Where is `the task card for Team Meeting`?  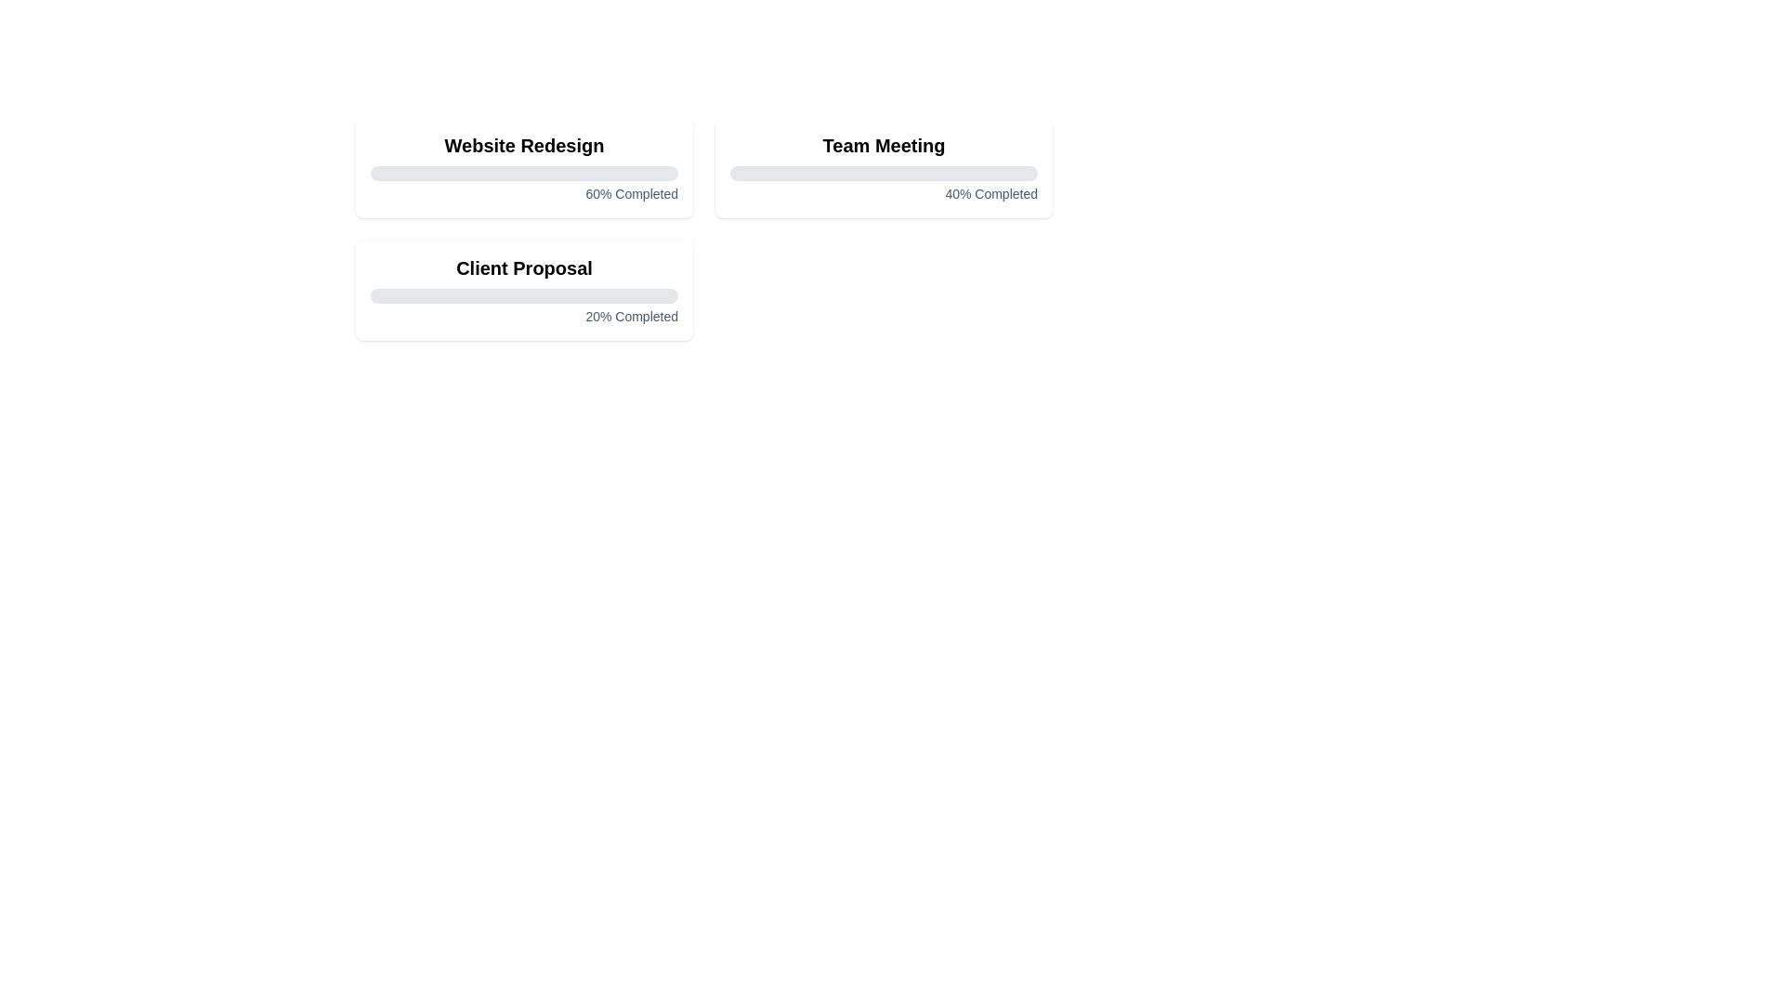 the task card for Team Meeting is located at coordinates (883, 168).